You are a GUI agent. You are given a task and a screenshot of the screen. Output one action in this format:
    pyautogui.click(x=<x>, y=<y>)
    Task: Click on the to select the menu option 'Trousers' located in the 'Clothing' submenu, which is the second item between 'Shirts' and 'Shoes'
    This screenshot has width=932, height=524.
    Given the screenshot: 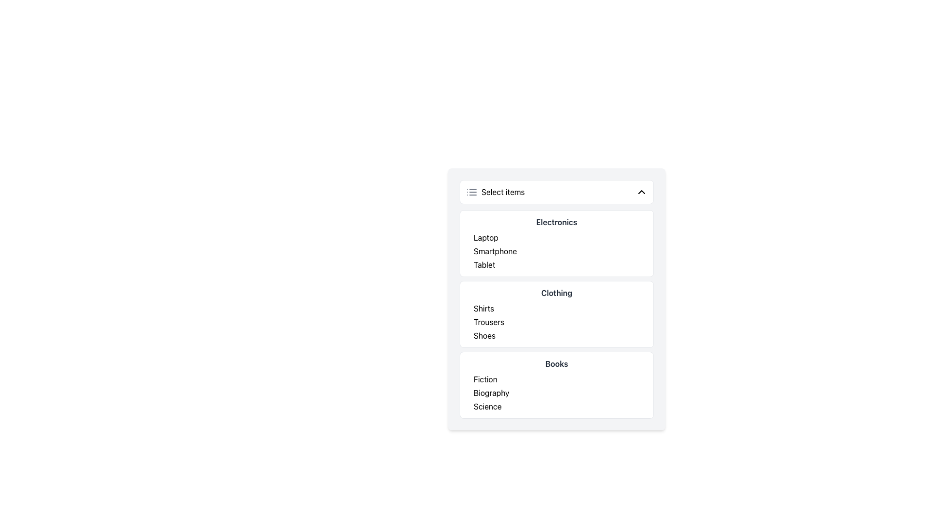 What is the action you would take?
    pyautogui.click(x=489, y=322)
    